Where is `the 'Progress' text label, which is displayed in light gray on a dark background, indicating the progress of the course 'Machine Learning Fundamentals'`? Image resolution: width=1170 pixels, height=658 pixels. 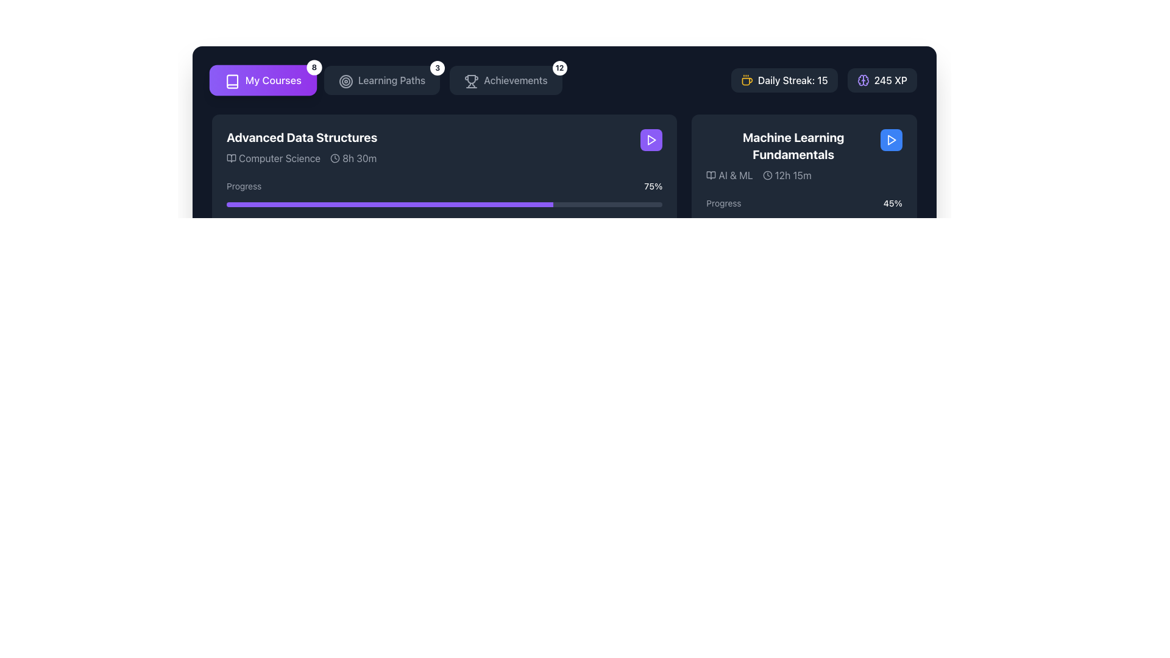 the 'Progress' text label, which is displayed in light gray on a dark background, indicating the progress of the course 'Machine Learning Fundamentals' is located at coordinates (723, 203).